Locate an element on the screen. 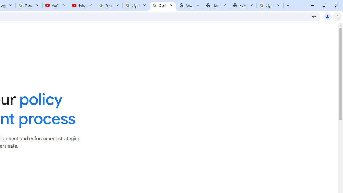  'YouTube' is located at coordinates (56, 5).